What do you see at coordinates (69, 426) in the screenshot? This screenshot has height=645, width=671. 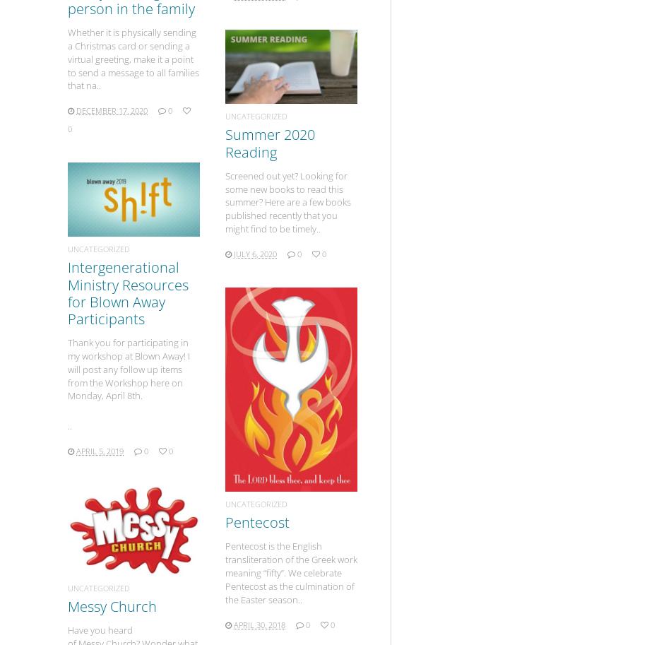 I see `'..'` at bounding box center [69, 426].